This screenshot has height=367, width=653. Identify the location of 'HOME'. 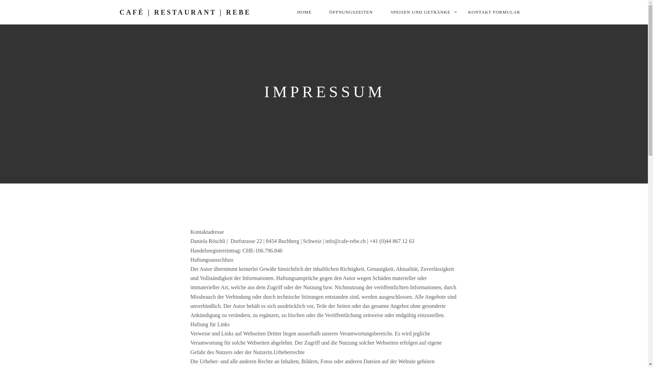
(304, 12).